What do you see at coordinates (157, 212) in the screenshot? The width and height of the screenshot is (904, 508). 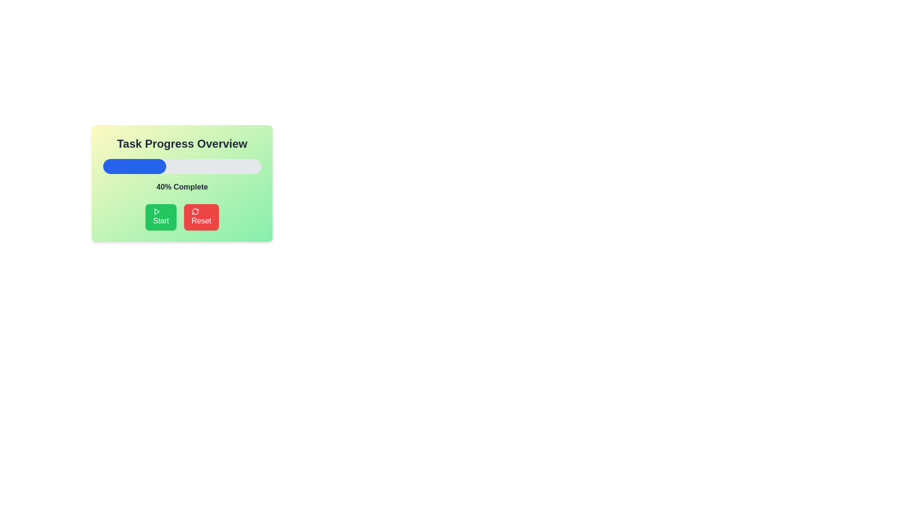 I see `the 'Start' button, which contains the SVG Icon indicating the action of starting a task, located on the left side of a two-button group below the progress bar labeled '40% Complete.'` at bounding box center [157, 212].